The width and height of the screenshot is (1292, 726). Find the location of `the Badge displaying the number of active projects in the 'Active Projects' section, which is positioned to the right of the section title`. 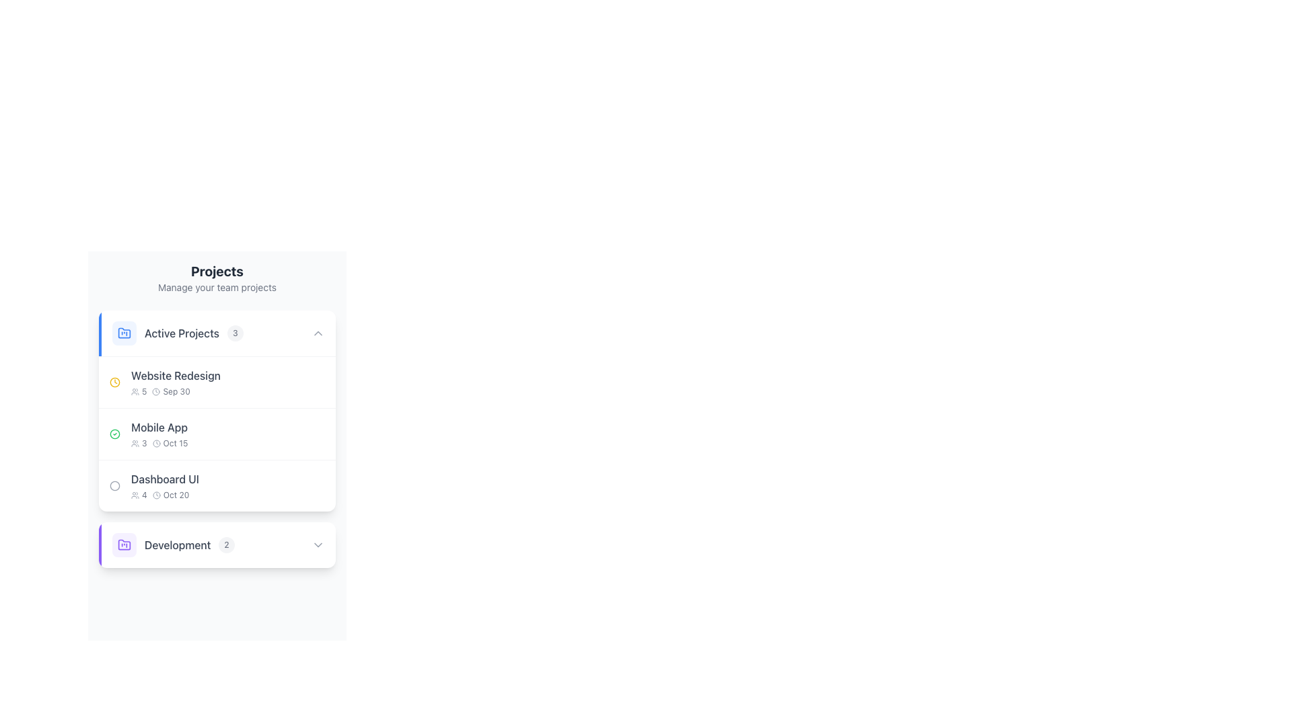

the Badge displaying the number of active projects in the 'Active Projects' section, which is positioned to the right of the section title is located at coordinates (235, 333).